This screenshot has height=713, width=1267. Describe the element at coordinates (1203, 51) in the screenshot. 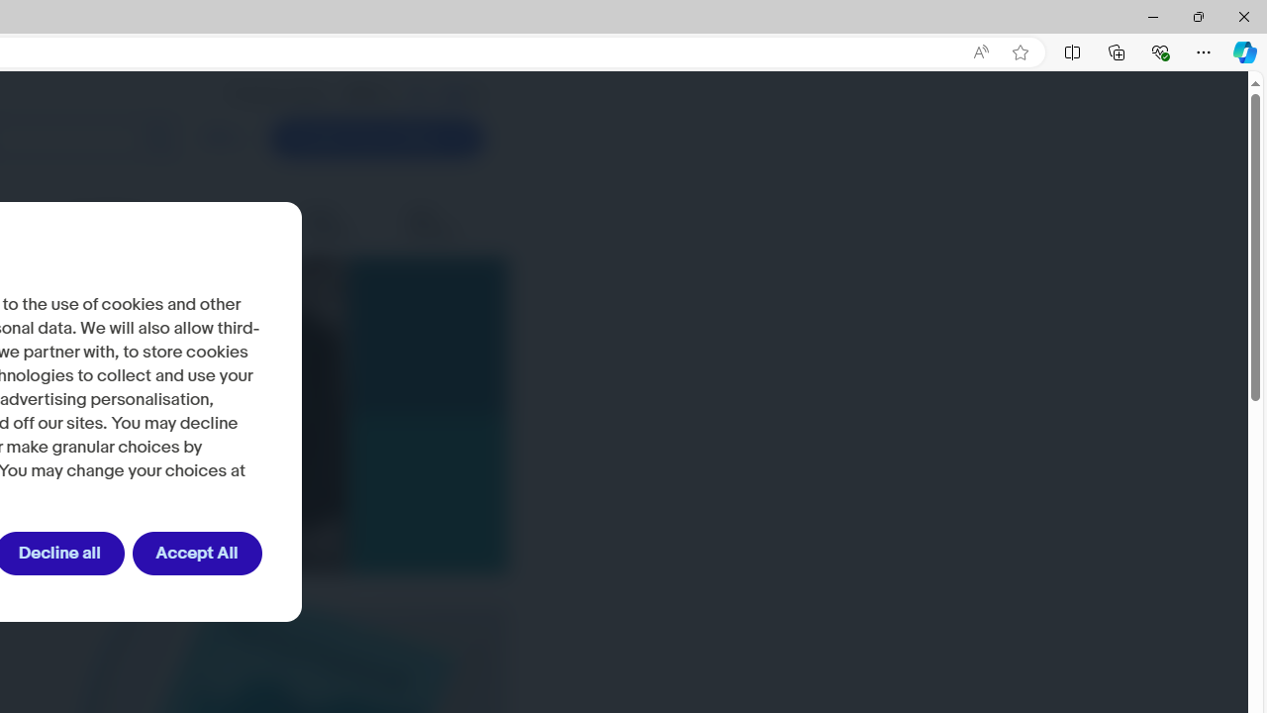

I see `'Settings and more (Alt+F)'` at that location.